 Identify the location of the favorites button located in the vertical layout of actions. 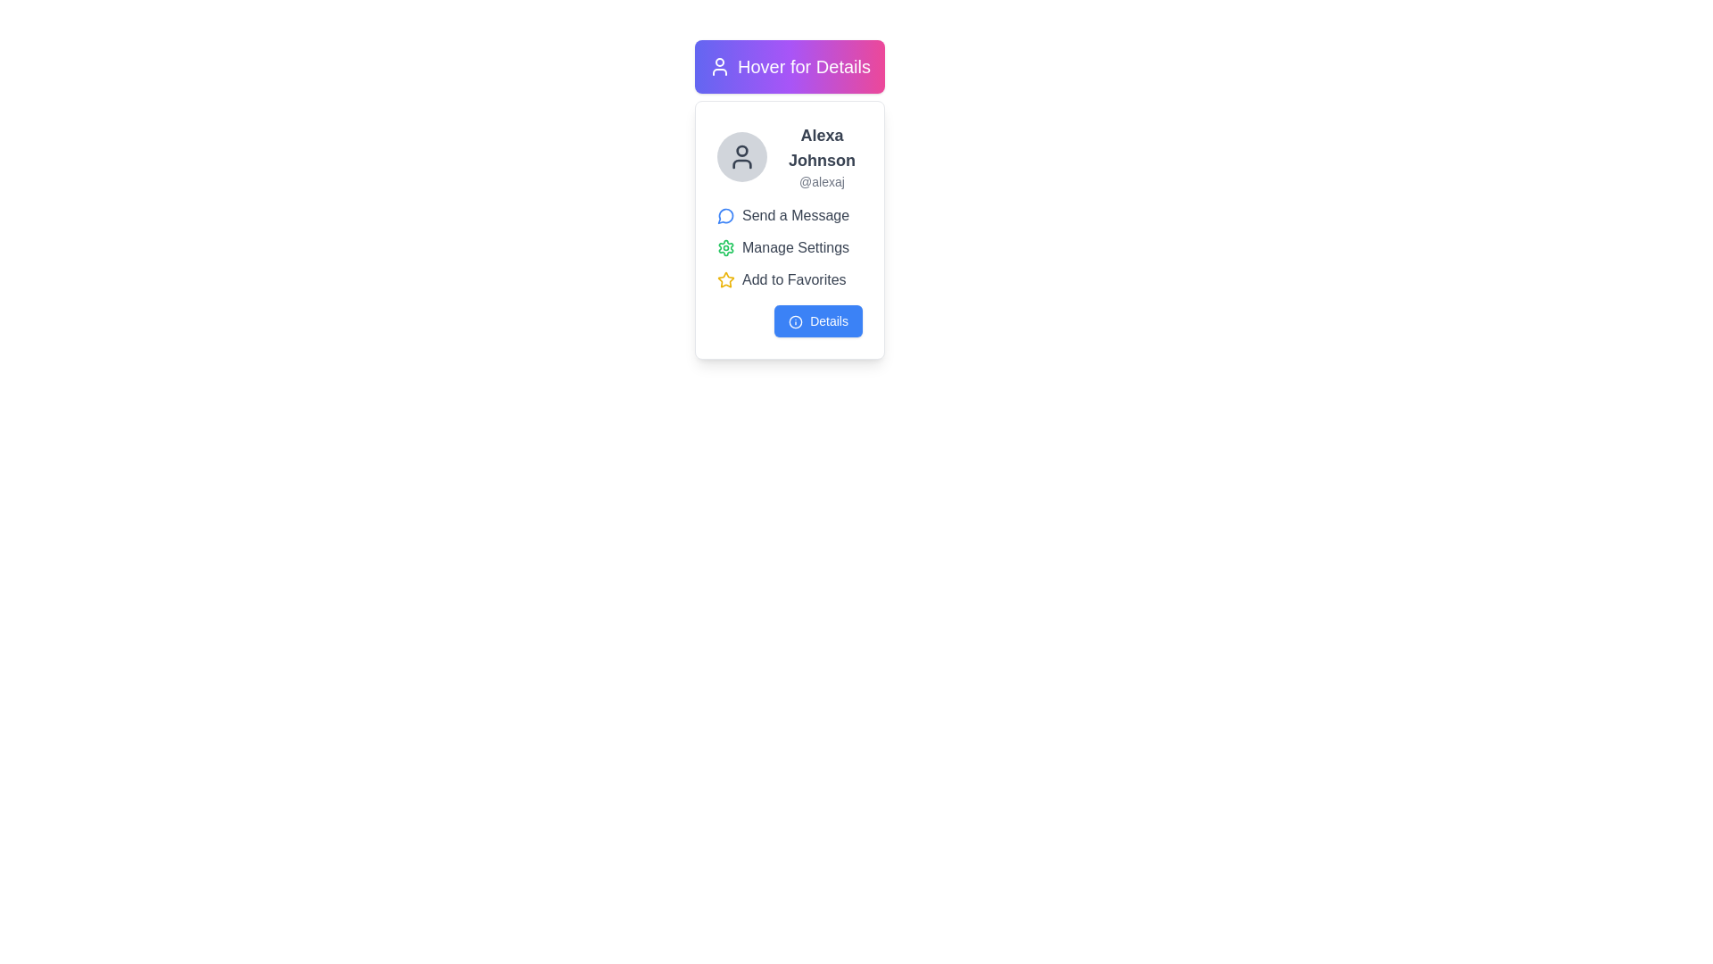
(789, 279).